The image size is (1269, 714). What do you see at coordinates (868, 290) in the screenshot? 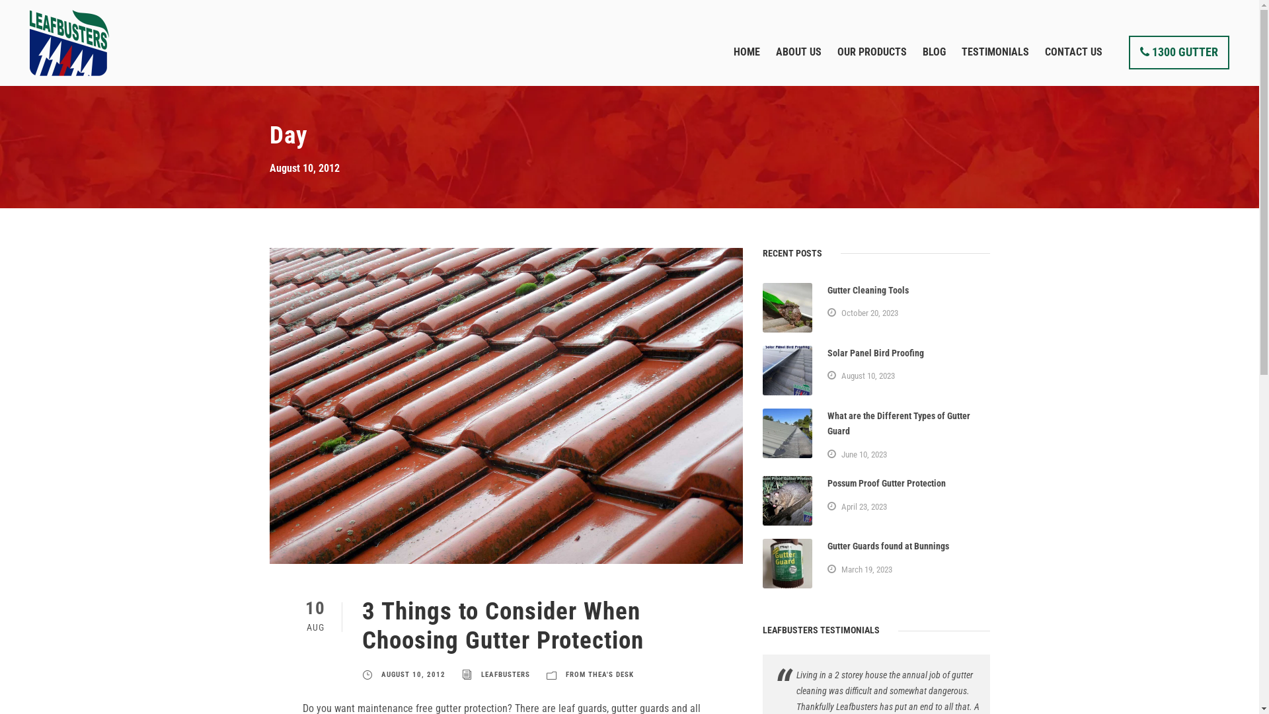
I see `'Gutter Cleaning Tools'` at bounding box center [868, 290].